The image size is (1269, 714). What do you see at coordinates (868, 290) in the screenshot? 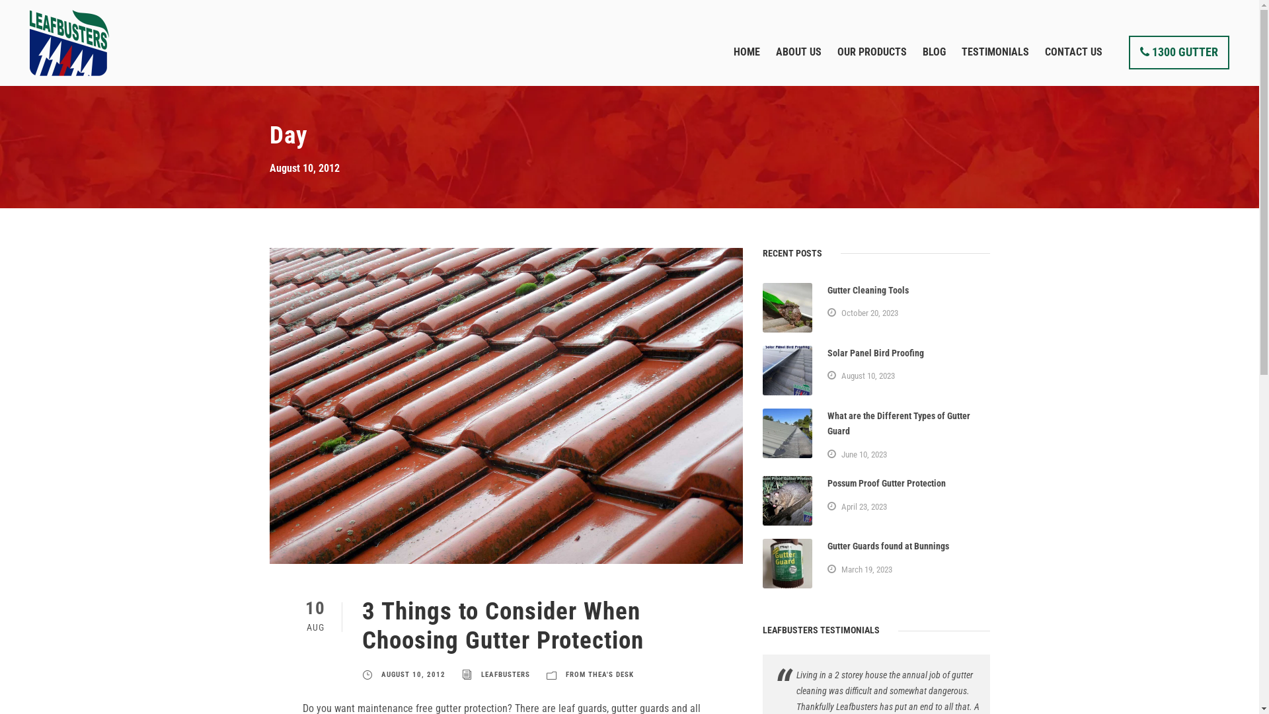
I see `'Gutter Cleaning Tools'` at bounding box center [868, 290].